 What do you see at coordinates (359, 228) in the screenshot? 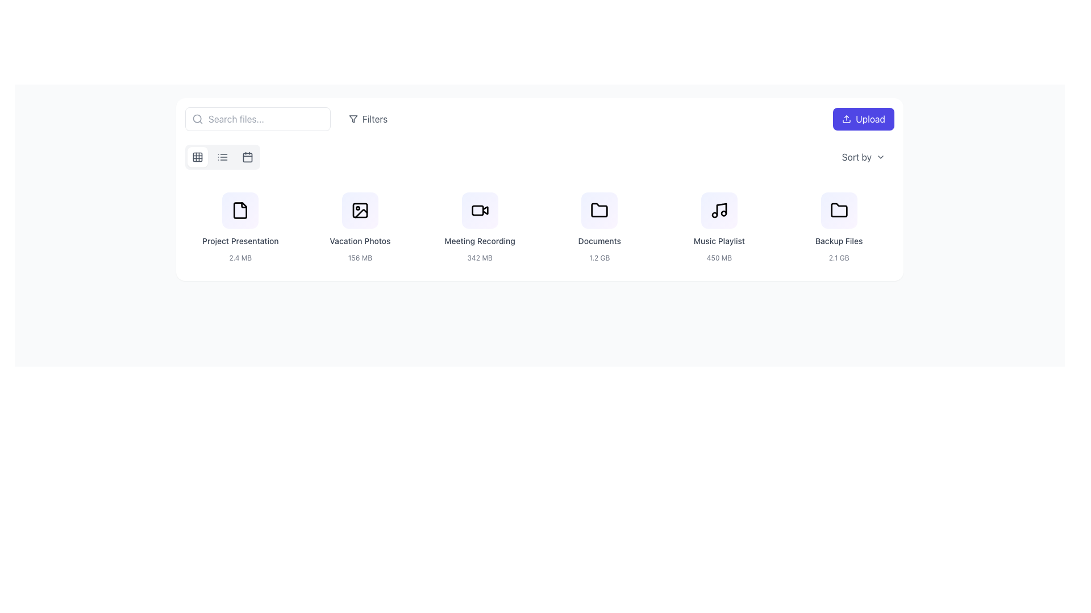
I see `the Informational card displaying 'Vacation Photos' and '156 MB', which is the second card in the grid layout` at bounding box center [359, 228].